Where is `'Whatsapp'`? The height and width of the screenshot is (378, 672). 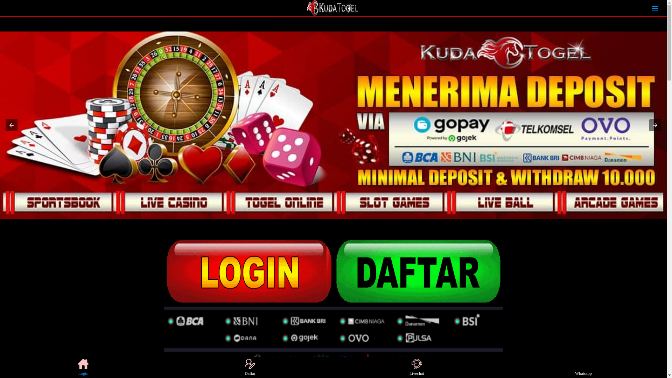
'Whatsapp' is located at coordinates (583, 367).